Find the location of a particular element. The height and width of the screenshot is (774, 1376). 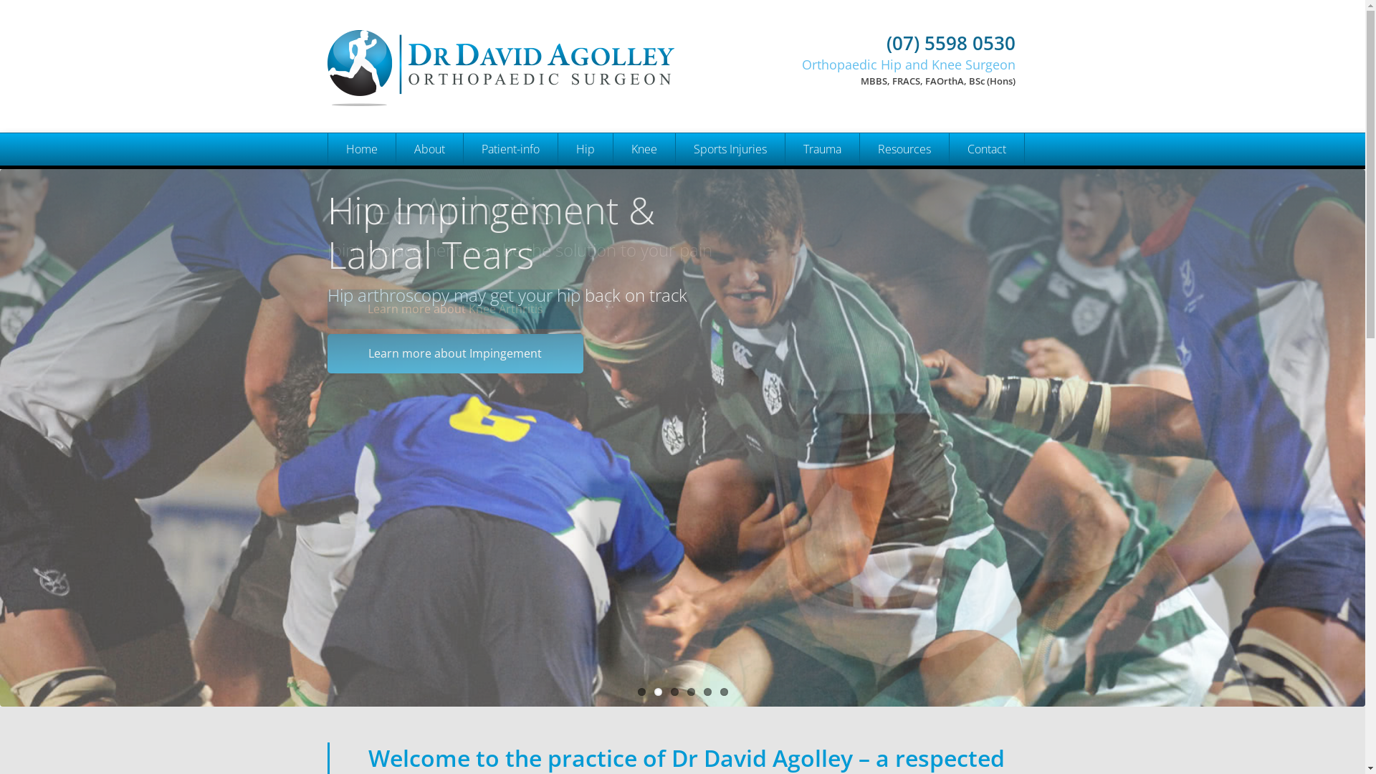

'Resources' is located at coordinates (902, 149).